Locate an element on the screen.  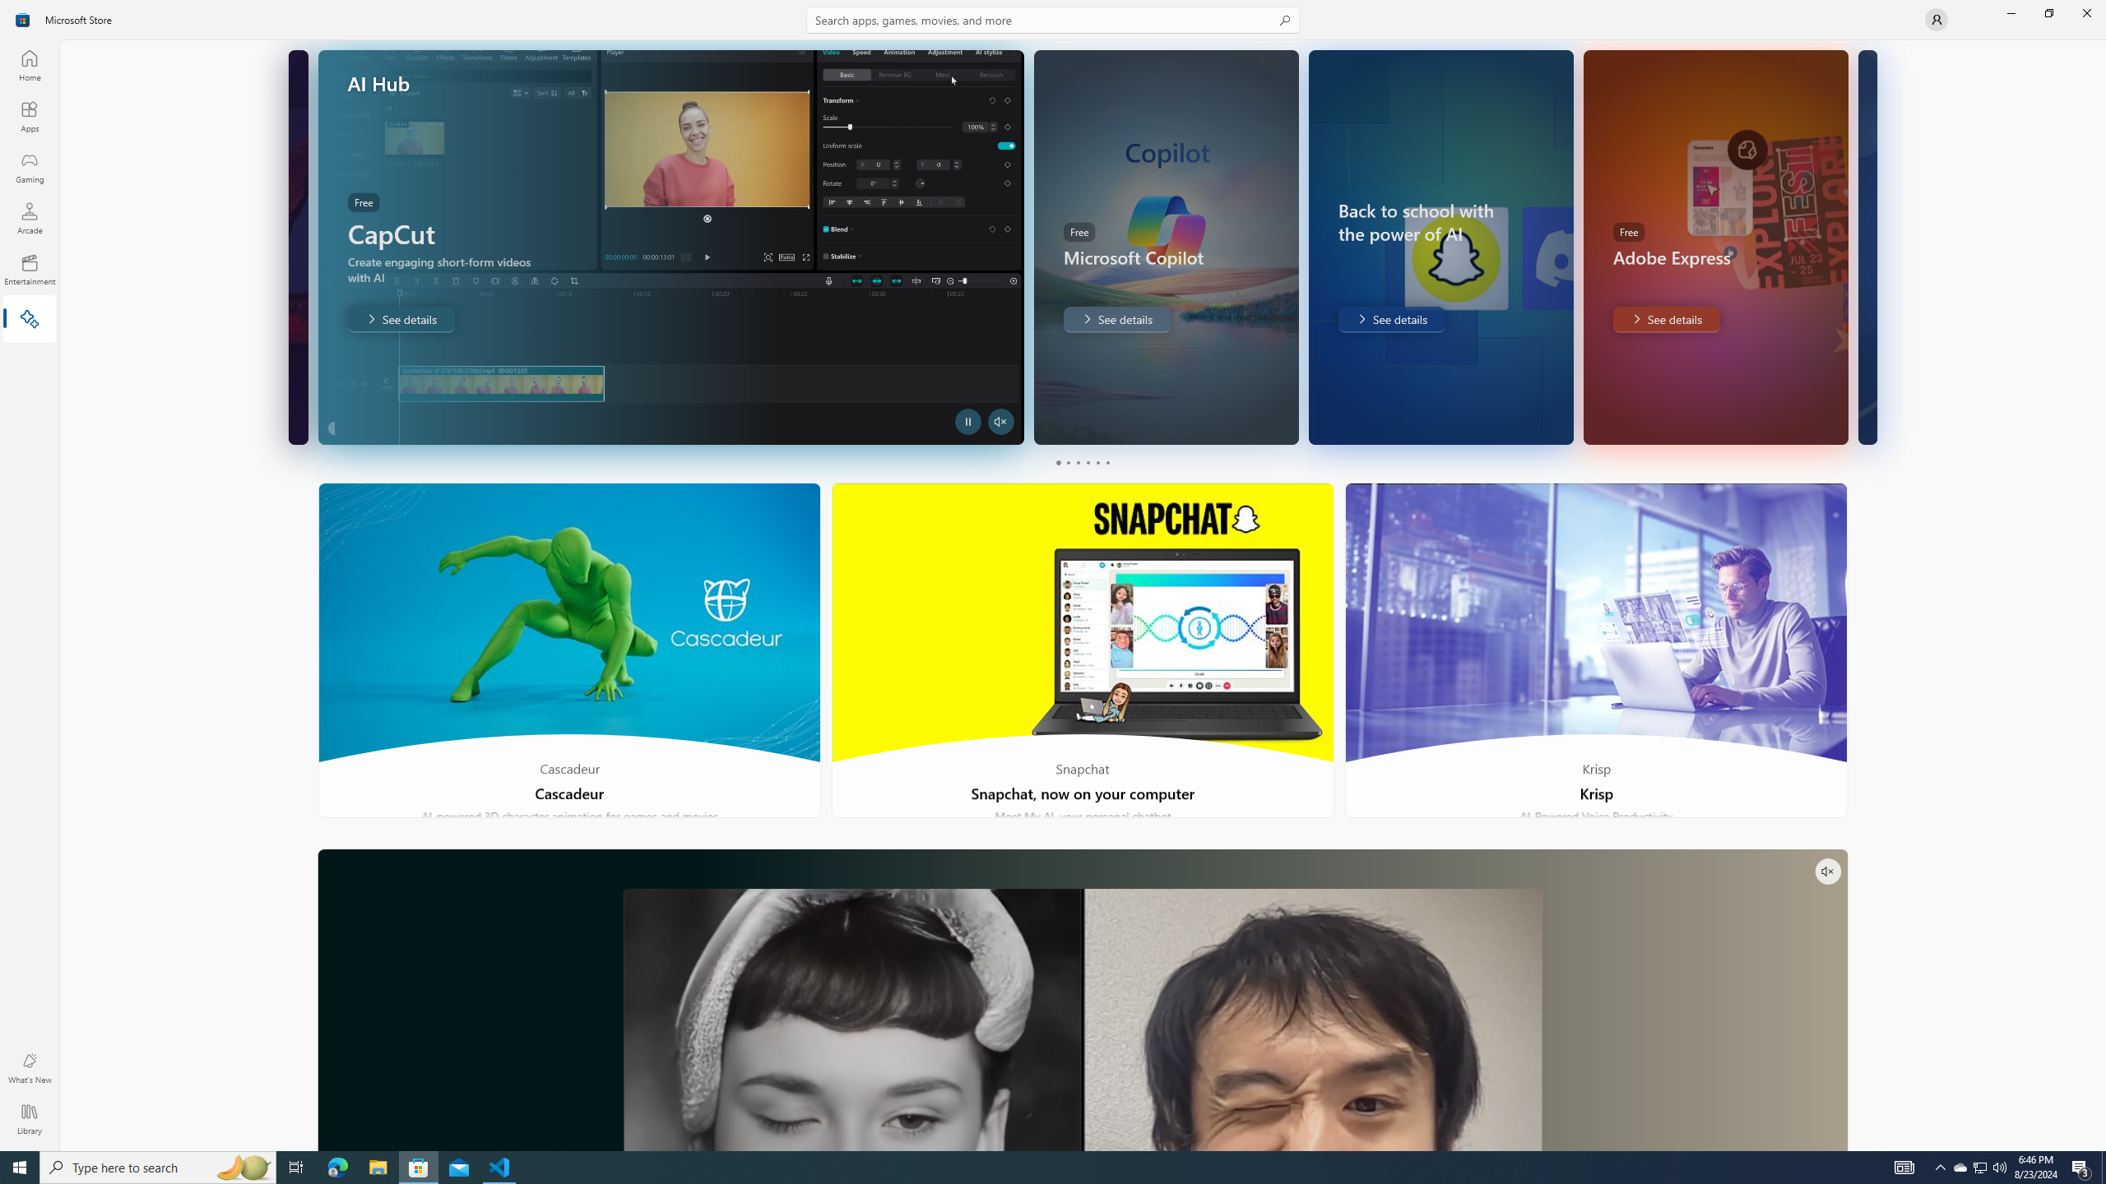
'Cascadeur' is located at coordinates (569, 650).